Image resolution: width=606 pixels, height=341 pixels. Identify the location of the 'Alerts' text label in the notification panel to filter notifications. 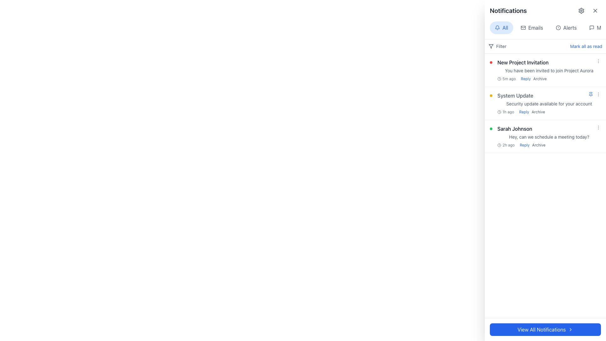
(570, 27).